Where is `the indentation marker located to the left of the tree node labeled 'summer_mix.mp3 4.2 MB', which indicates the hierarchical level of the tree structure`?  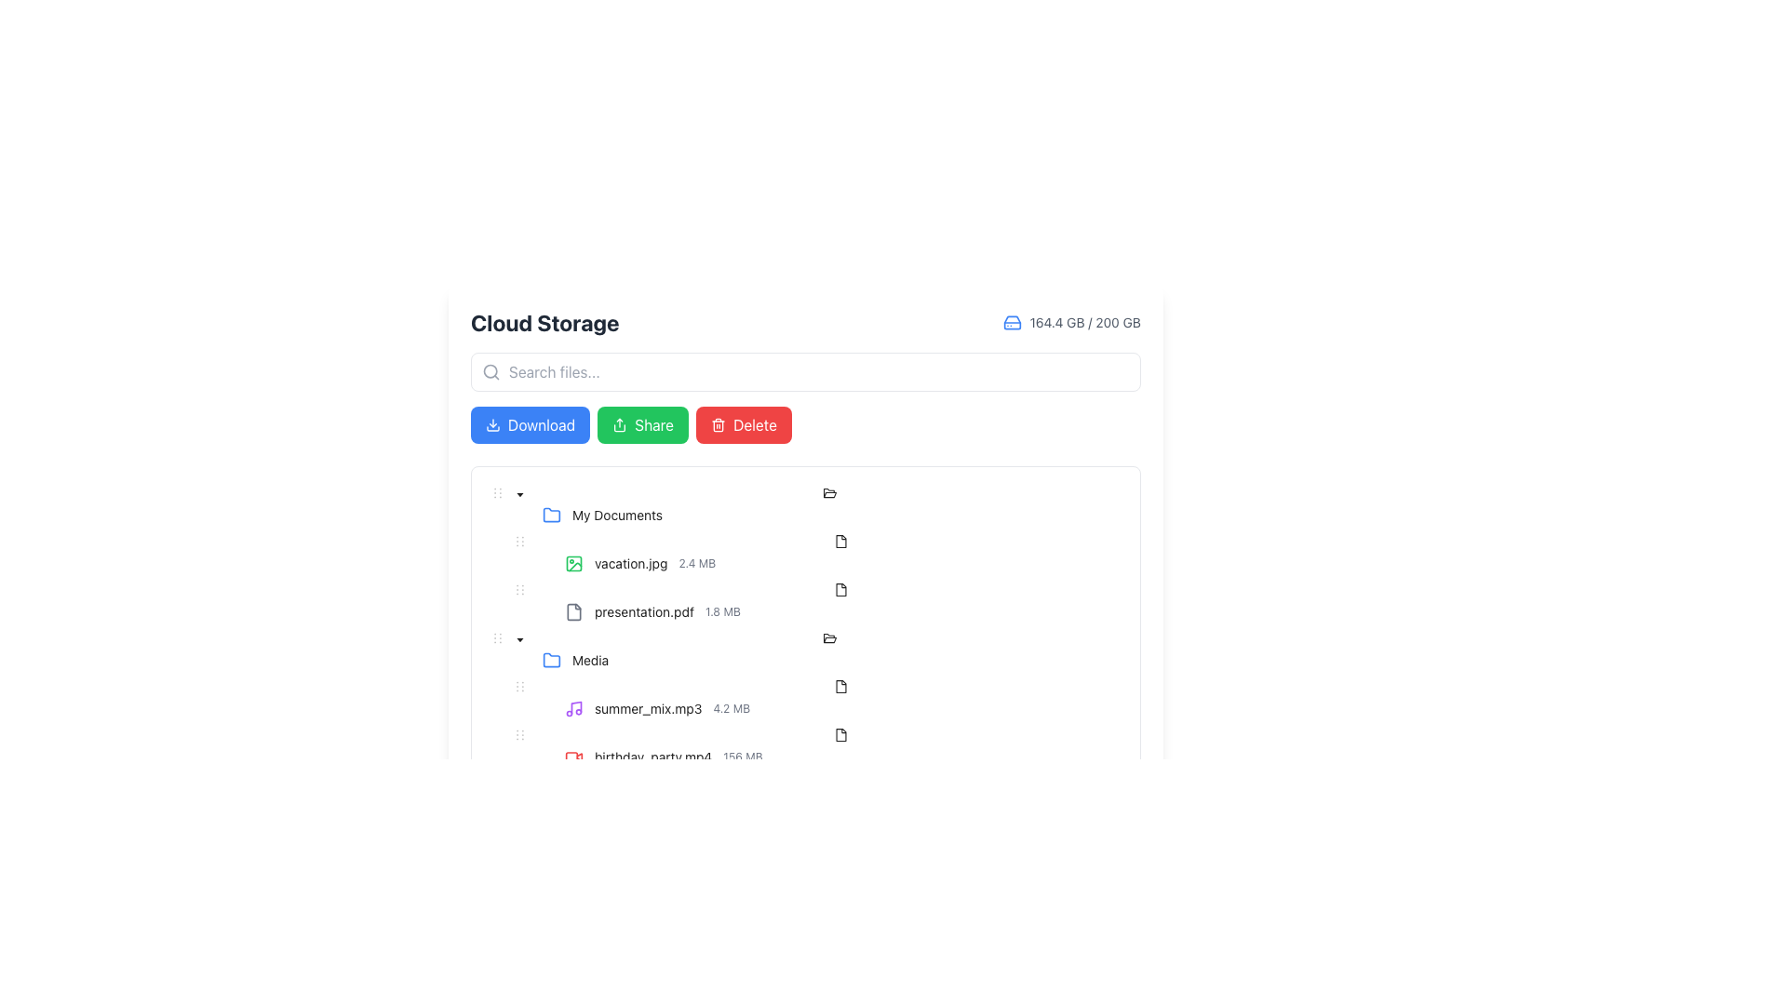 the indentation marker located to the left of the tree node labeled 'summer_mix.mp3 4.2 MB', which indicates the hierarchical level of the tree structure is located at coordinates (497, 697).